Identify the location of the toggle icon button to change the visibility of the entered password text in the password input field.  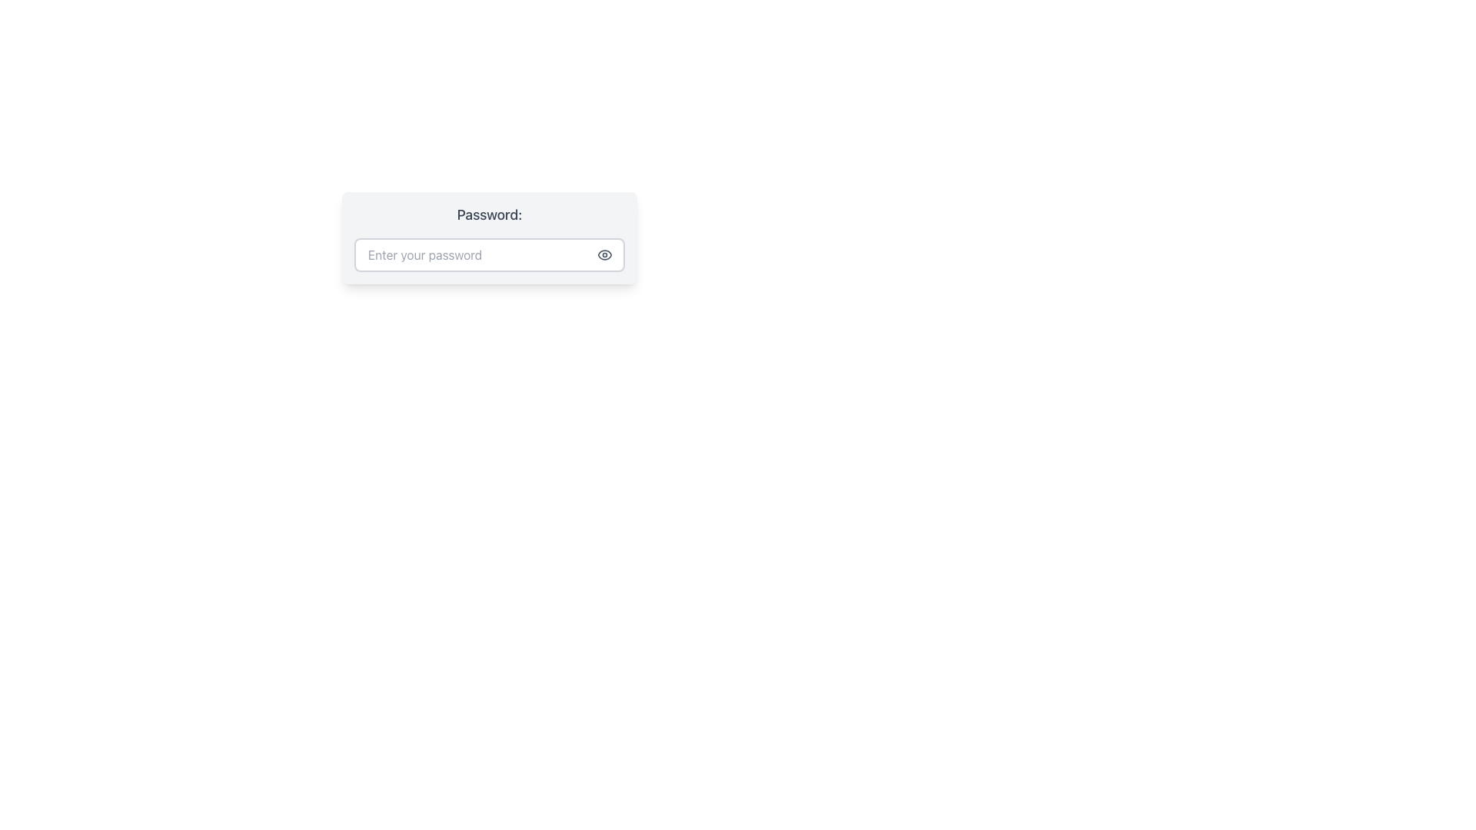
(604, 254).